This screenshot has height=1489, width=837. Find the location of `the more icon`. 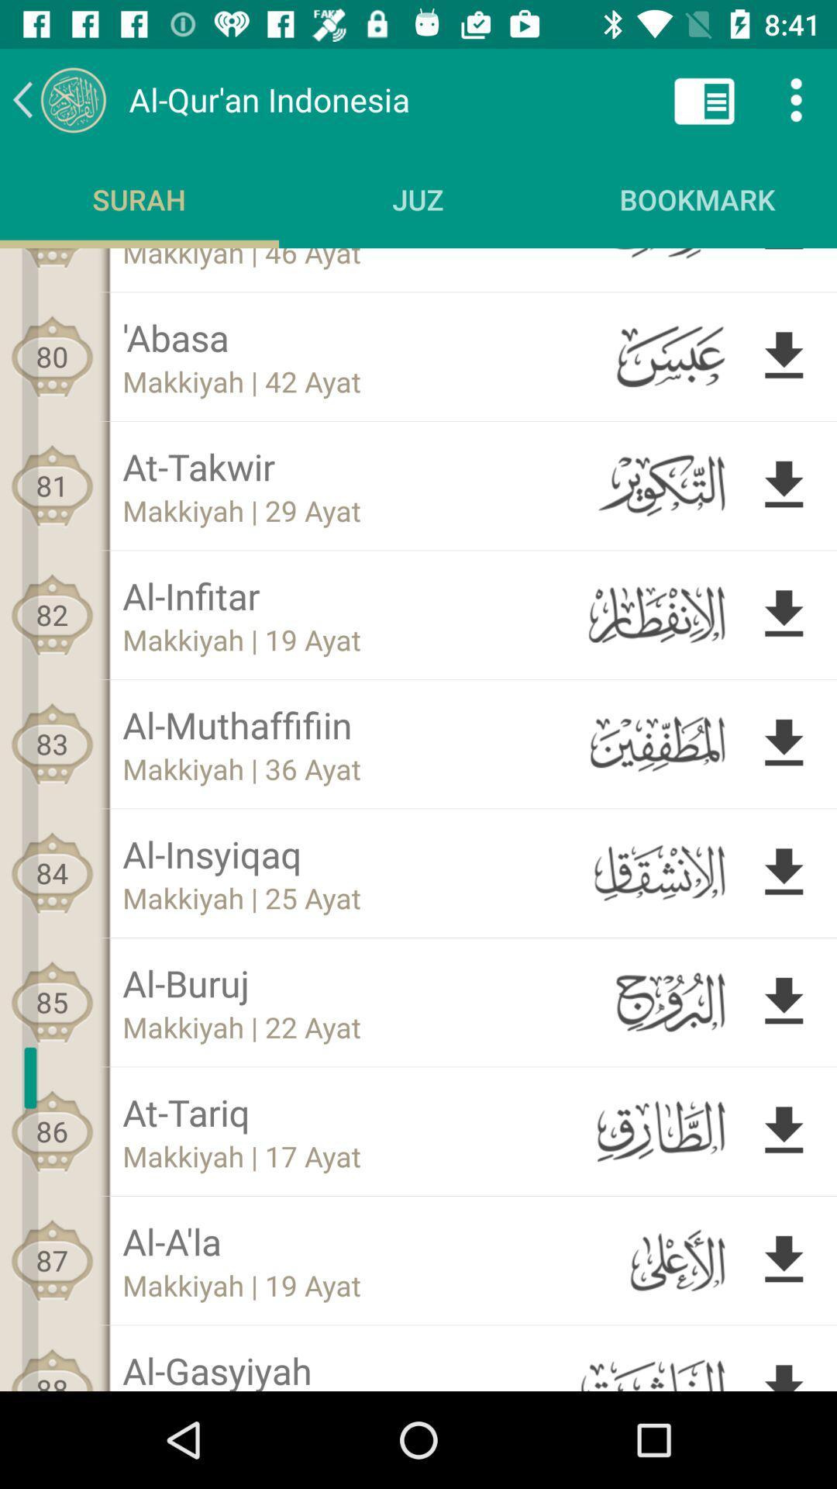

the more icon is located at coordinates (796, 98).